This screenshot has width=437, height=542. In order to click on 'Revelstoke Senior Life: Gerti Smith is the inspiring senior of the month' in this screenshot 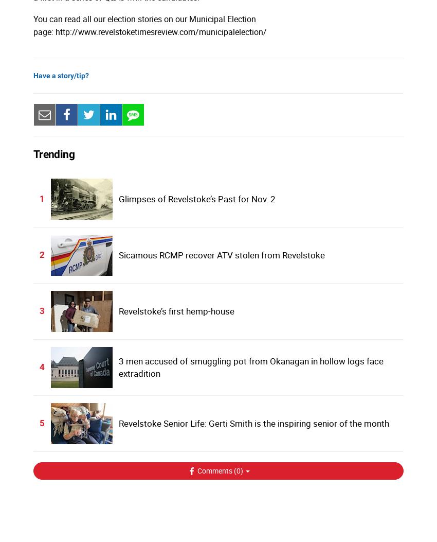, I will do `click(253, 422)`.